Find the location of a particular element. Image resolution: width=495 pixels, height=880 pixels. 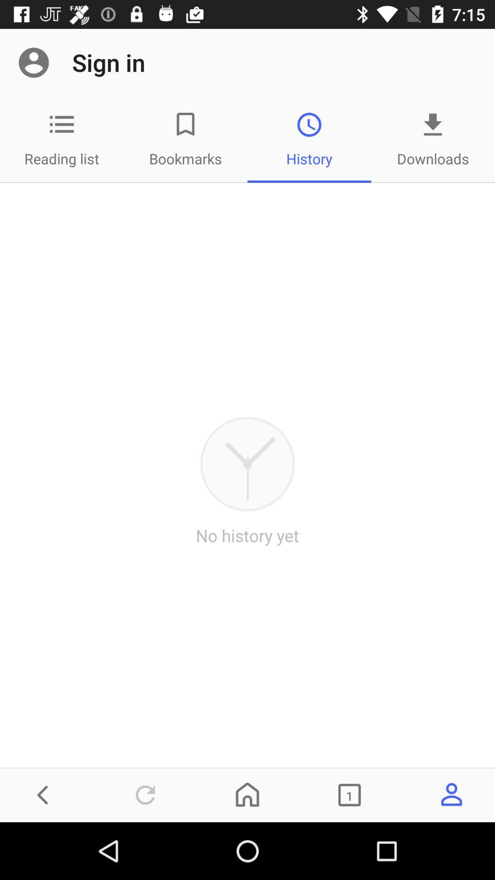

the button above downloads is located at coordinates (433, 124).